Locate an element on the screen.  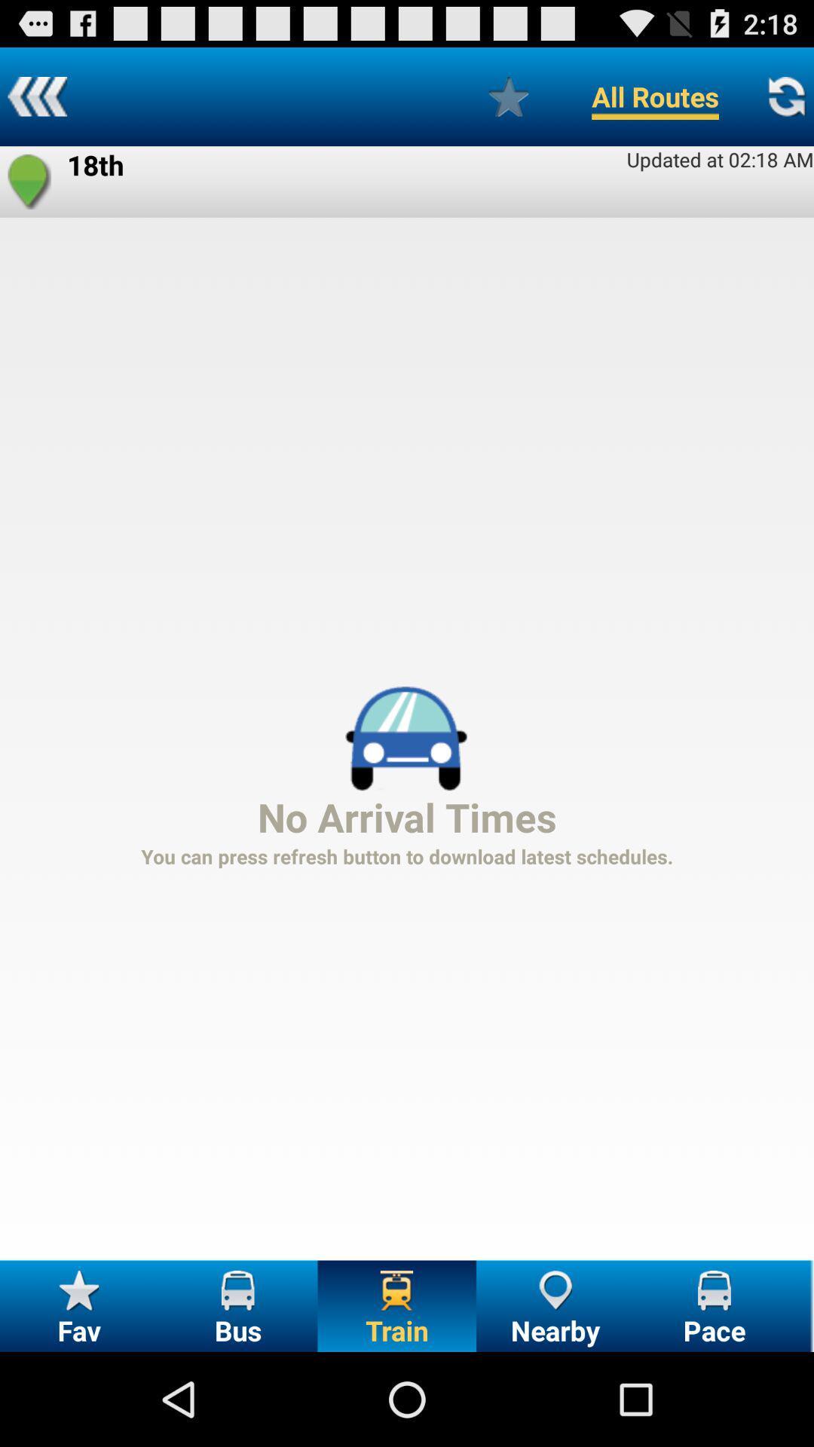
the star icon is located at coordinates (509, 102).